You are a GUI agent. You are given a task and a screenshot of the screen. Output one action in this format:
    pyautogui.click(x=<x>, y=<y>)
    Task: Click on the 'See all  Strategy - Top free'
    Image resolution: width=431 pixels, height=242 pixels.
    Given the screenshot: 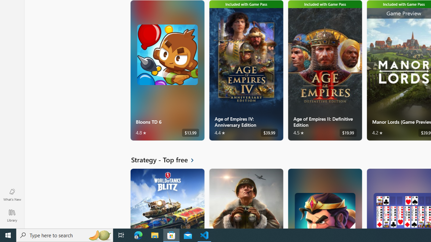 What is the action you would take?
    pyautogui.click(x=166, y=160)
    